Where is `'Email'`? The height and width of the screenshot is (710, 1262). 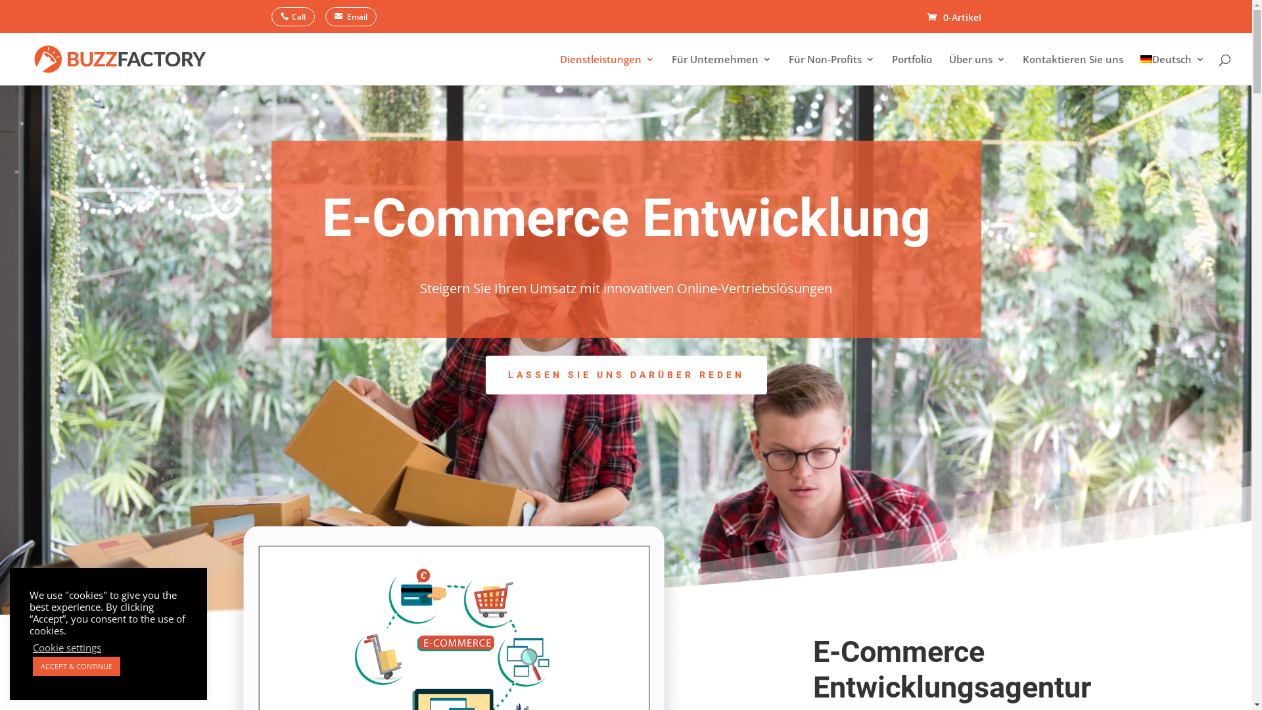
'Email' is located at coordinates (350, 16).